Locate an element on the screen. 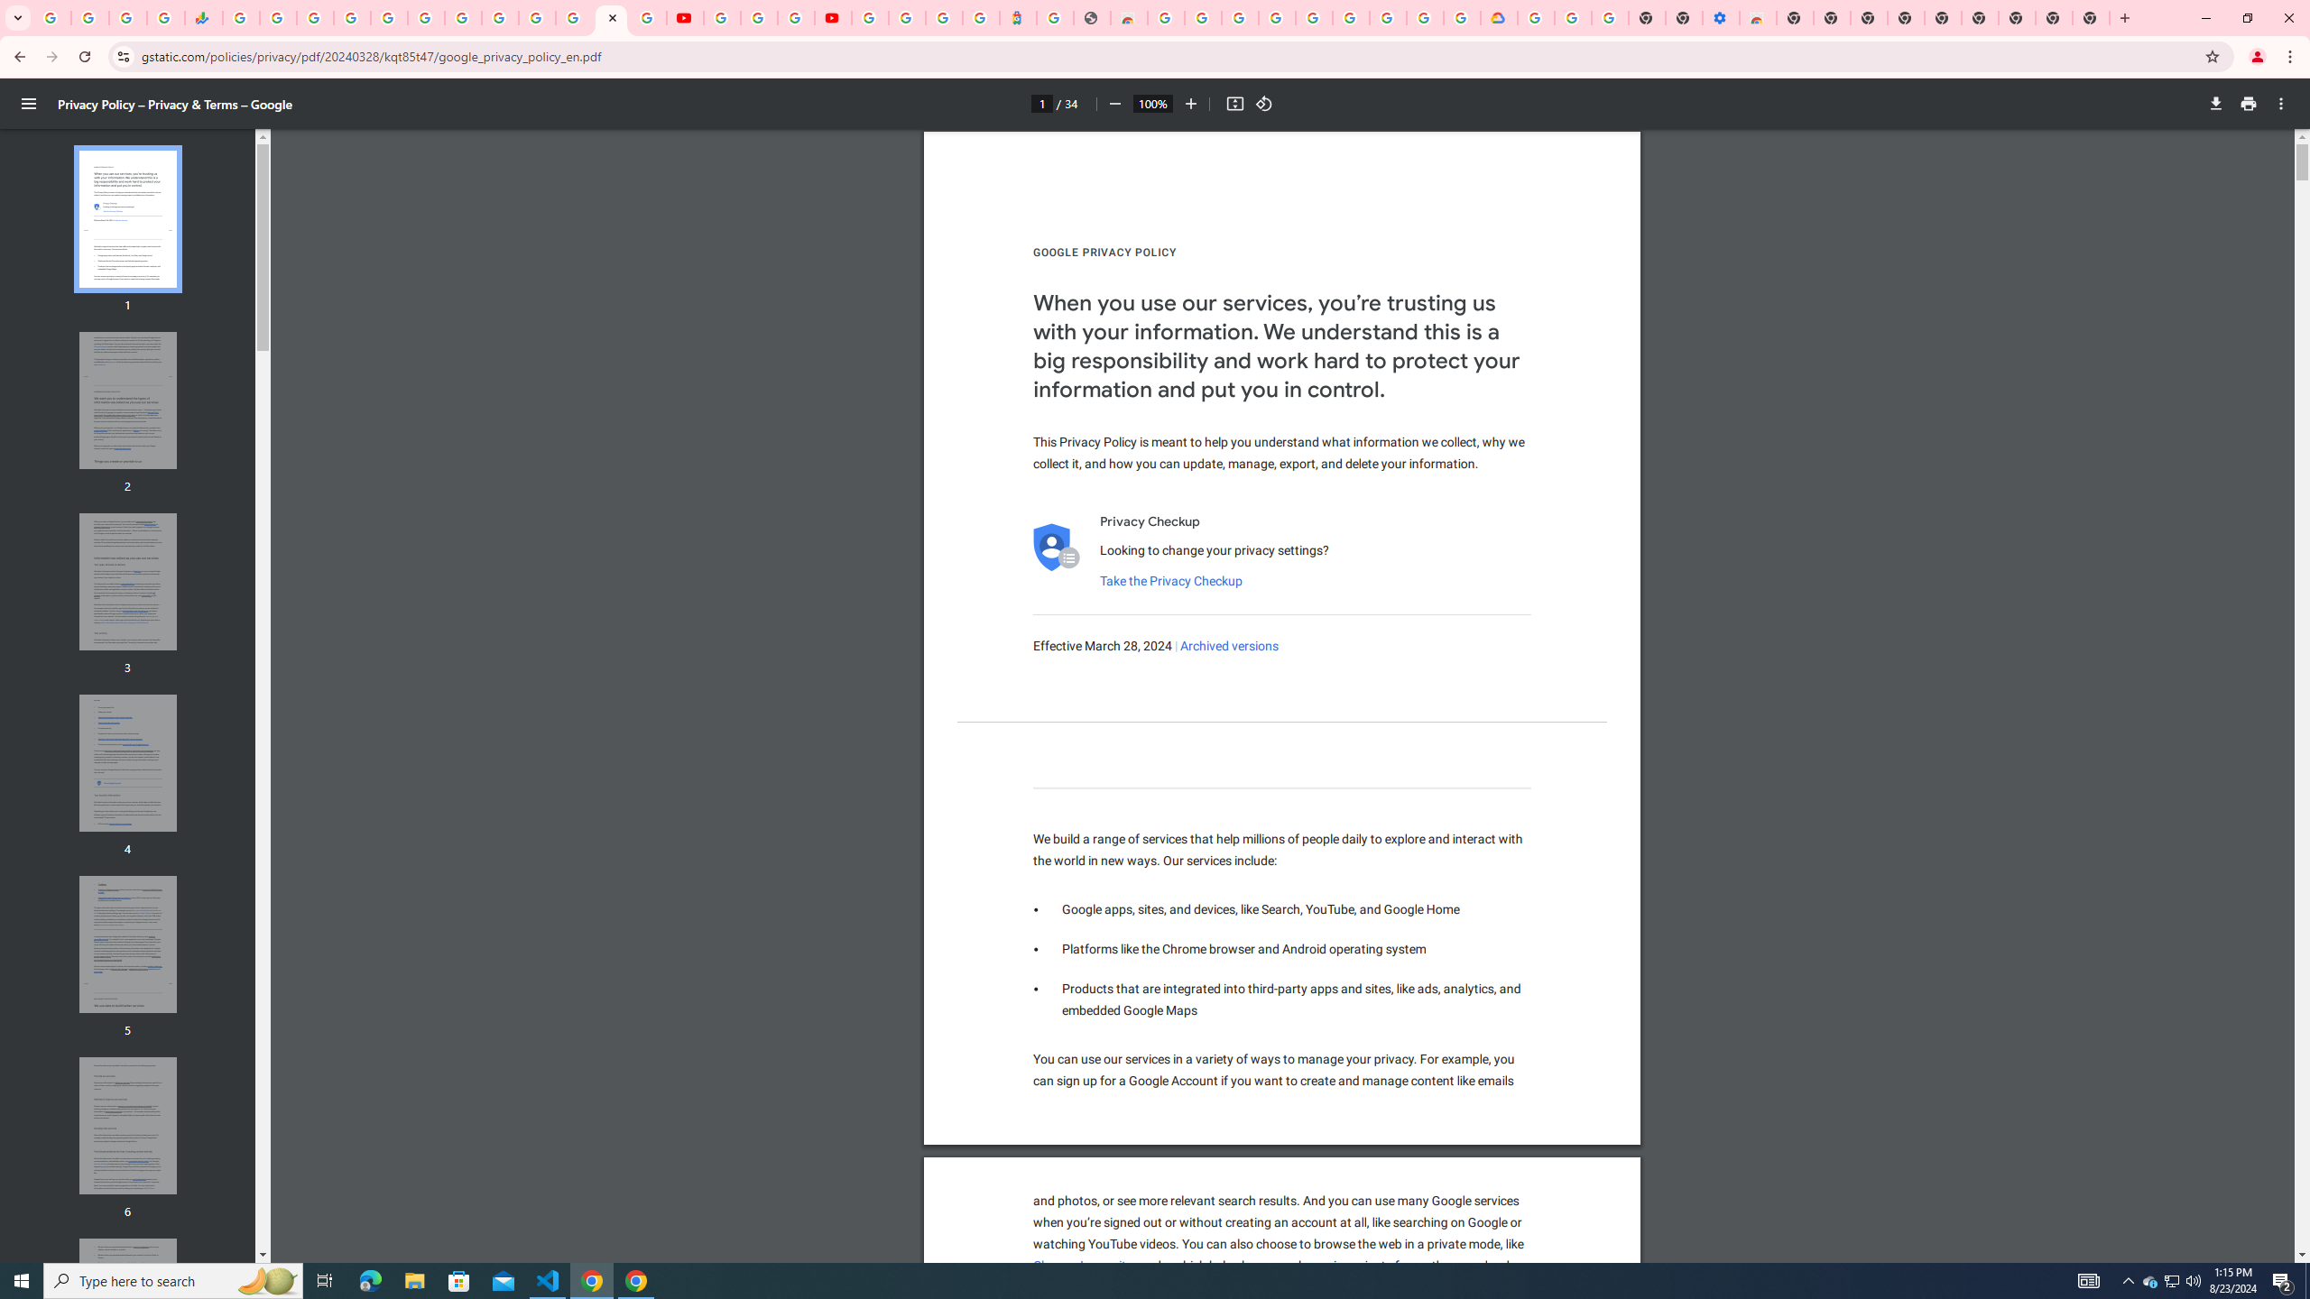 Image resolution: width=2310 pixels, height=1299 pixels. 'Create your Google Account' is located at coordinates (794, 17).